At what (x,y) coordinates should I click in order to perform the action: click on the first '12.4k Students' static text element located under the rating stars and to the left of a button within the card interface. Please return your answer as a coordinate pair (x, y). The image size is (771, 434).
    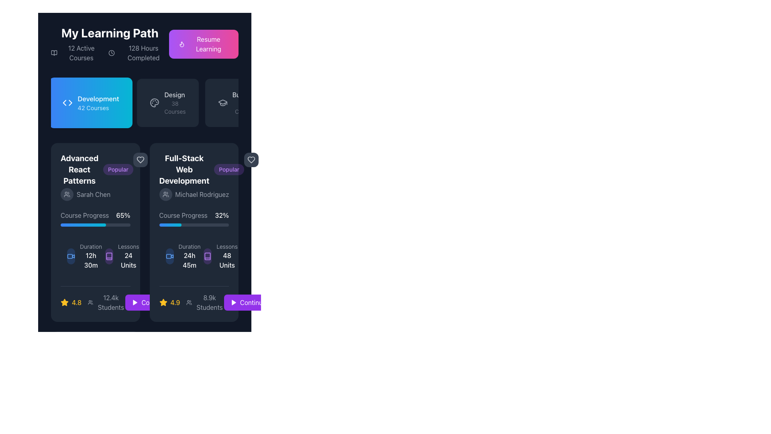
    Looking at the image, I should click on (110, 302).